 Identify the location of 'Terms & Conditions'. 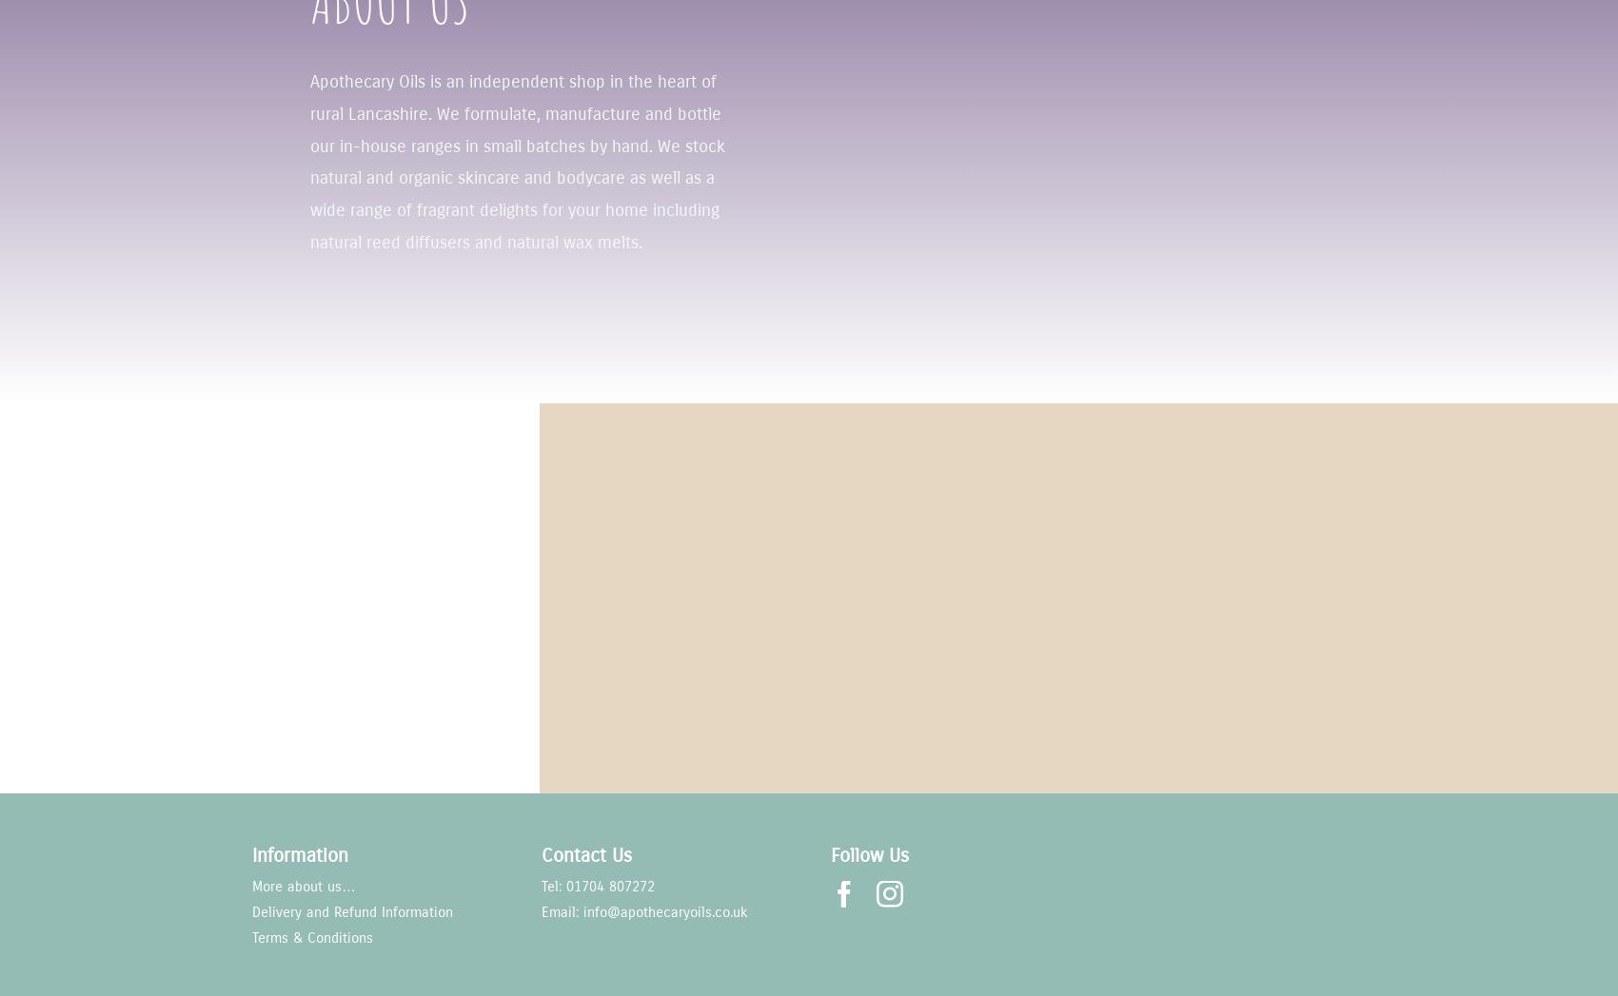
(310, 936).